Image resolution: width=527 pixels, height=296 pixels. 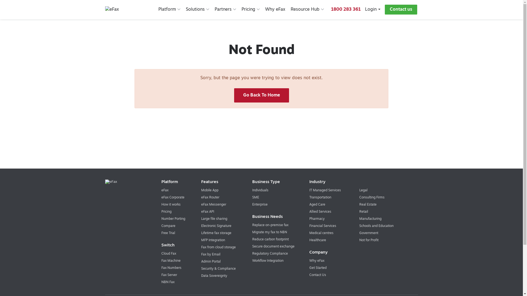 I want to click on 'eFax Corporate', so click(x=172, y=198).